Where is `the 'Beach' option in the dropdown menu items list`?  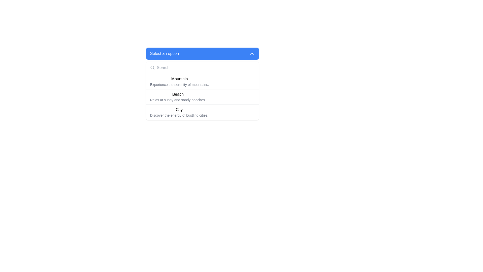 the 'Beach' option in the dropdown menu items list is located at coordinates (202, 91).